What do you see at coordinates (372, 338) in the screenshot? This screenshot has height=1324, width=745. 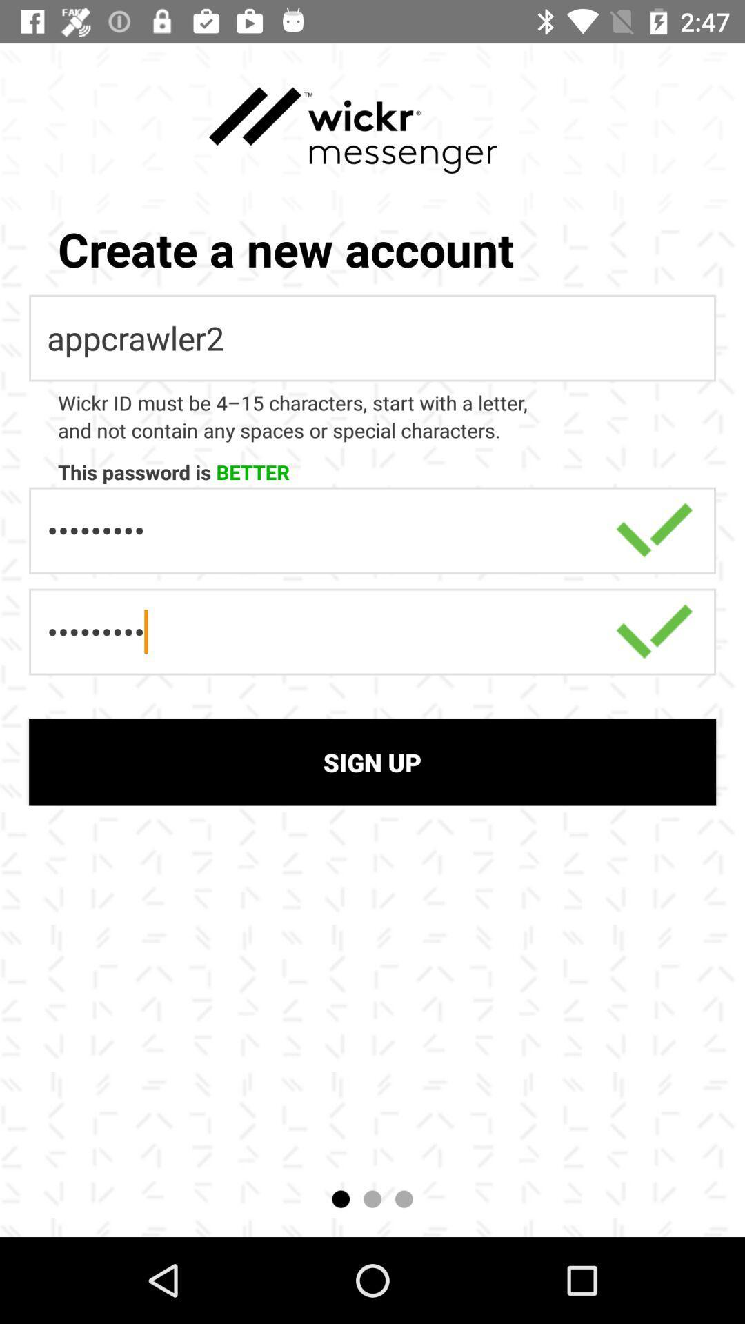 I see `appcrawler2` at bounding box center [372, 338].